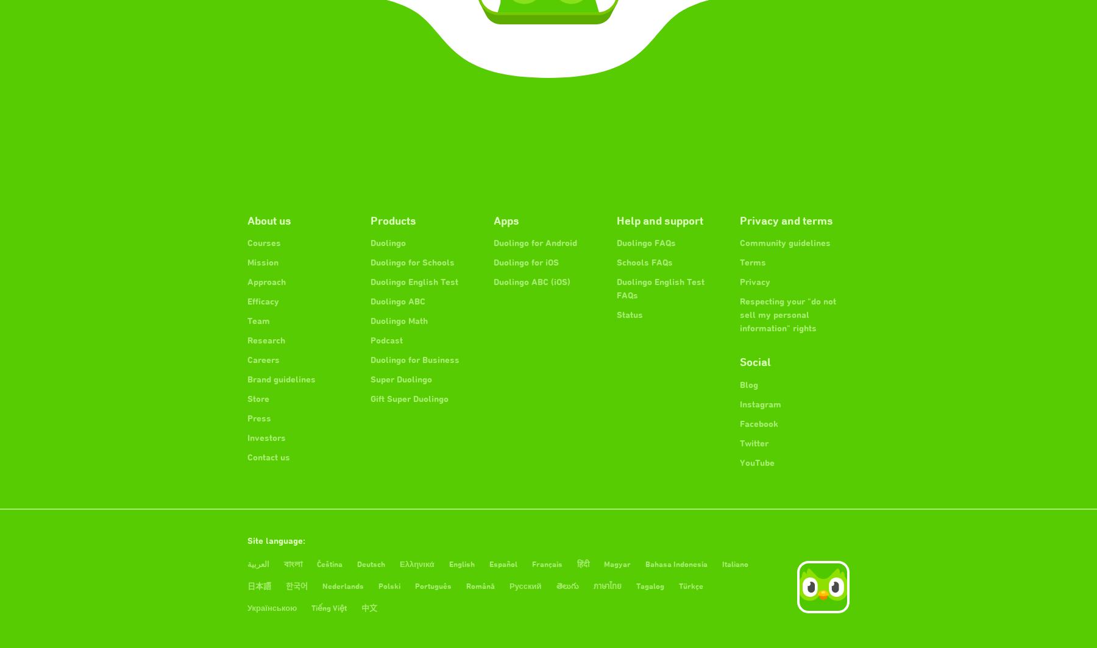 The height and width of the screenshot is (648, 1097). I want to click on 'Français', so click(546, 564).